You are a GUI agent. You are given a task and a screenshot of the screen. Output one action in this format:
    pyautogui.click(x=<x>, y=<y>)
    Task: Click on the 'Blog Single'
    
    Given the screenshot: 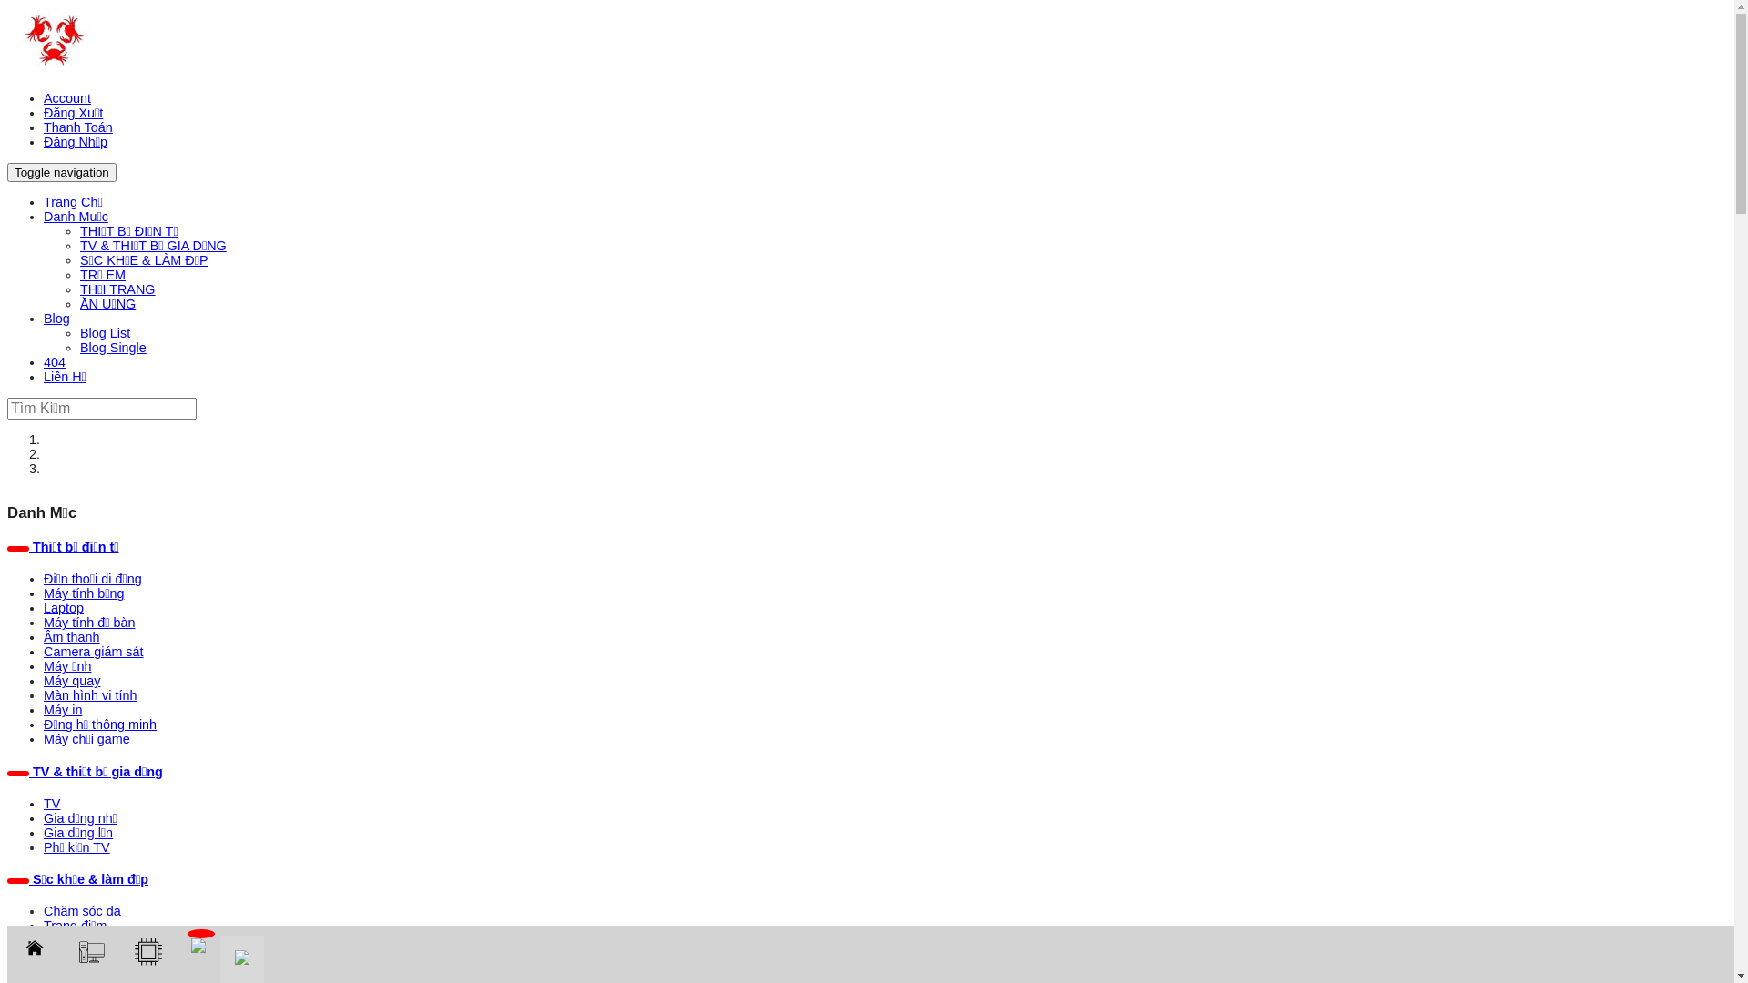 What is the action you would take?
    pyautogui.click(x=112, y=347)
    